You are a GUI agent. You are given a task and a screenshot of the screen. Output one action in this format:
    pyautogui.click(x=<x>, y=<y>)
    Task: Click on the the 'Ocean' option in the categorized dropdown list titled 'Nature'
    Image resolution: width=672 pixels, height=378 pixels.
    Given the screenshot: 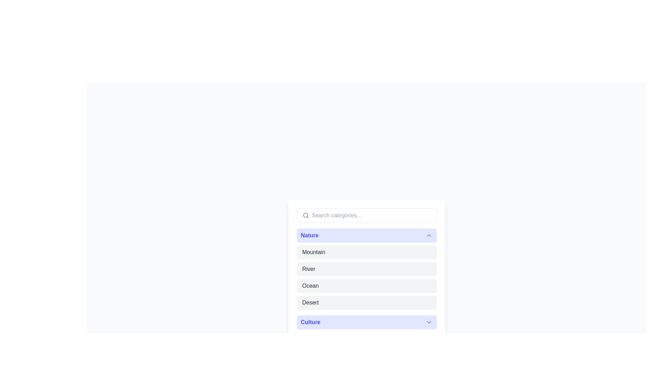 What is the action you would take?
    pyautogui.click(x=366, y=286)
    